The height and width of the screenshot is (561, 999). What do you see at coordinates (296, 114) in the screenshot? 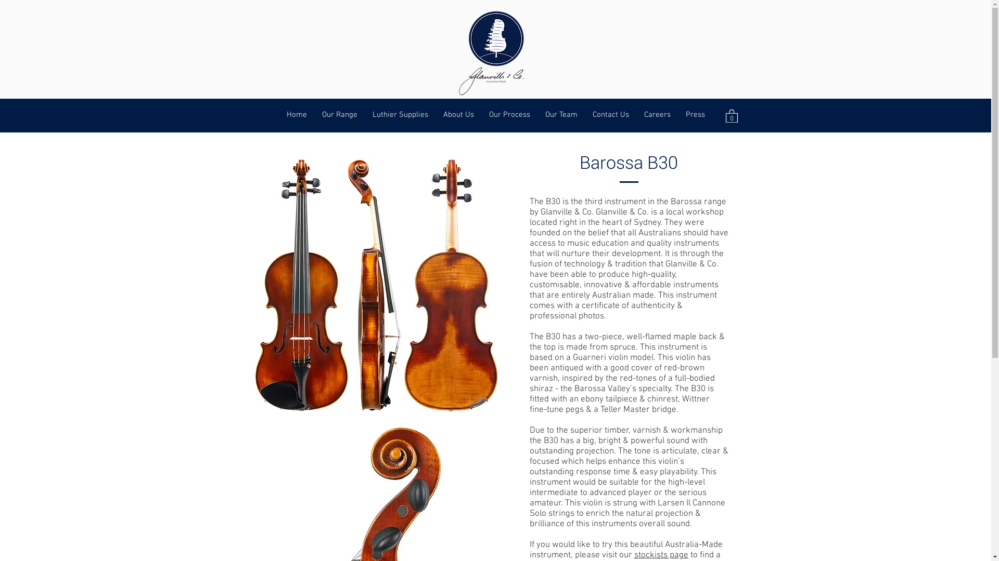
I see `'Home'` at bounding box center [296, 114].